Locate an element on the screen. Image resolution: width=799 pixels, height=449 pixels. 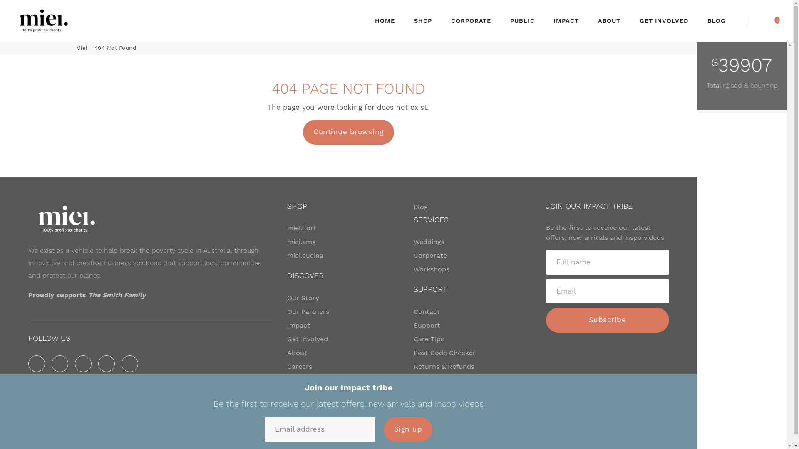
'Support' is located at coordinates (413, 325).